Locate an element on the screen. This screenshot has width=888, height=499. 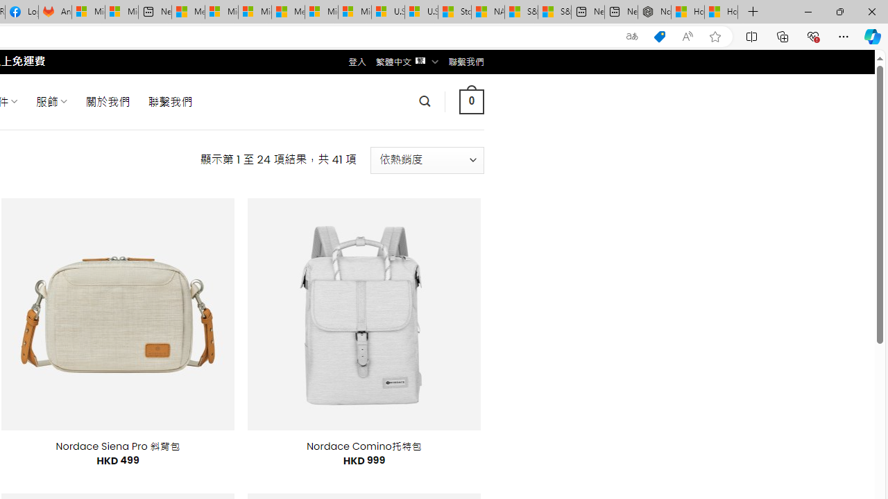
'  0  ' is located at coordinates (471, 100).